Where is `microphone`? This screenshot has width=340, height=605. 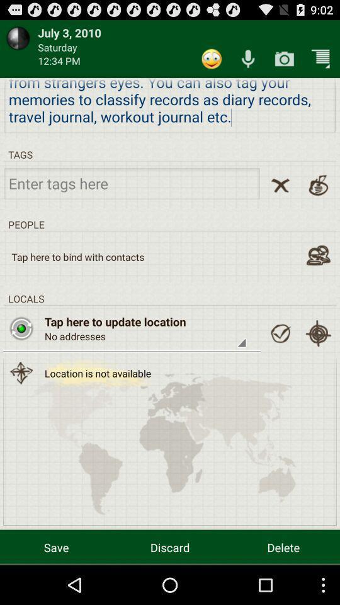 microphone is located at coordinates (248, 59).